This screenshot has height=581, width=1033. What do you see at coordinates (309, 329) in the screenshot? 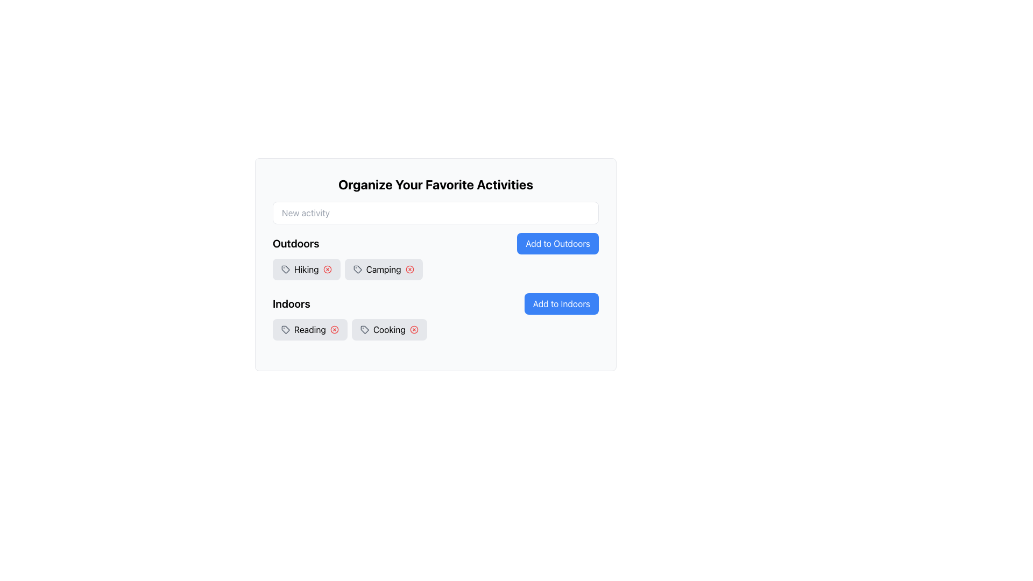
I see `the first interactive tag element labeled 'Reading' with a light gray background and a small red 'x' icon, located under the heading 'Indoors'` at bounding box center [309, 329].